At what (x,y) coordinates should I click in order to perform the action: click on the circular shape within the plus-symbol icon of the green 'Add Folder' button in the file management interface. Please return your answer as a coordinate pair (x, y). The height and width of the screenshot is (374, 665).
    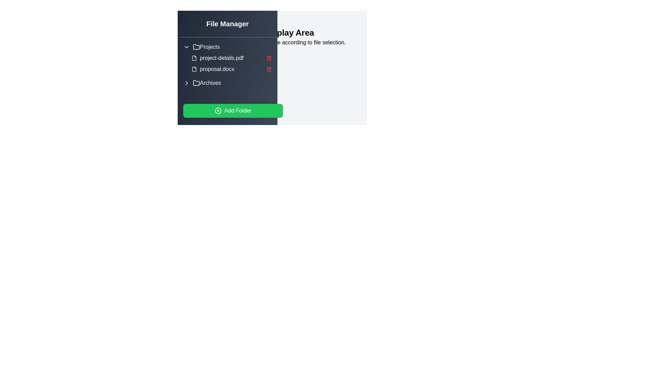
    Looking at the image, I should click on (218, 110).